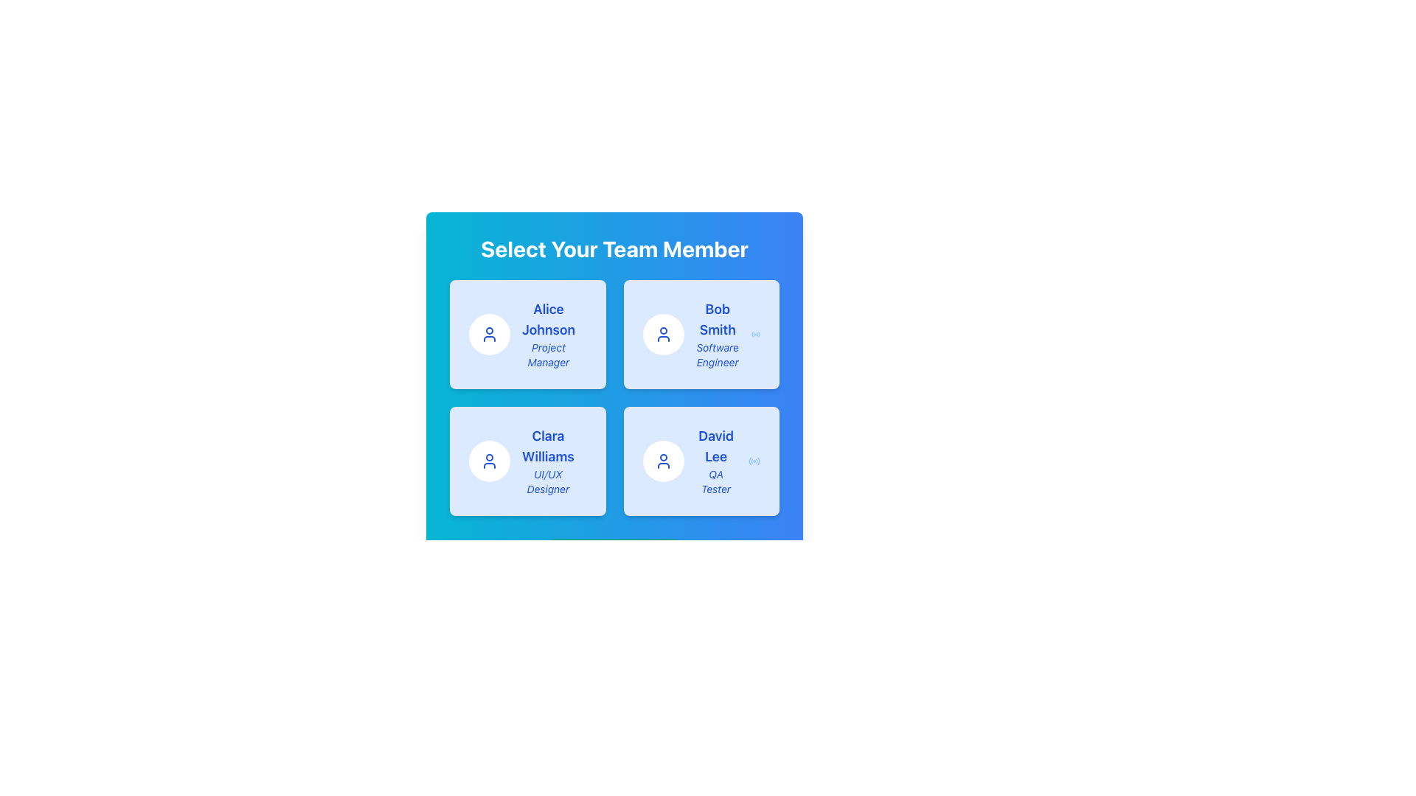  Describe the element at coordinates (718, 319) in the screenshot. I see `the text label displaying 'Bob Smith' in bold font, located in the first row and second column of the grid layout within the 'Select Your Team Member' dialog` at that location.